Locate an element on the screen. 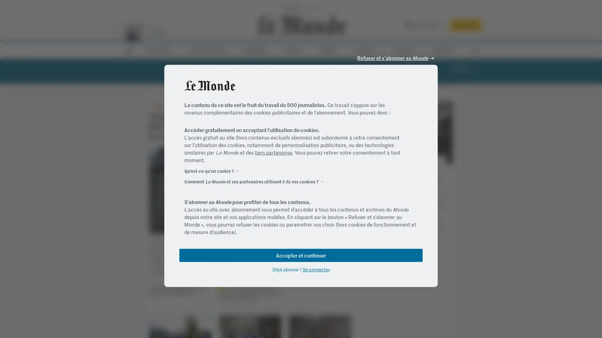 This screenshot has height=338, width=602. M LE MAG is located at coordinates (406, 49).